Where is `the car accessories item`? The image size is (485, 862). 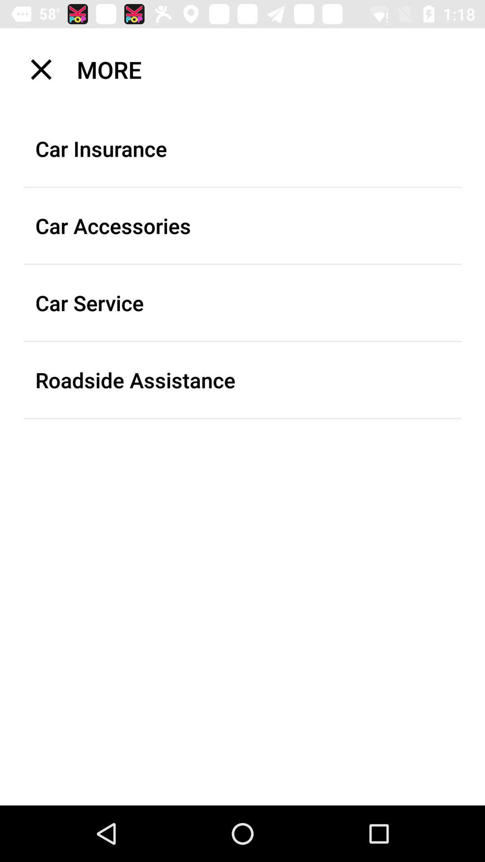 the car accessories item is located at coordinates (242, 225).